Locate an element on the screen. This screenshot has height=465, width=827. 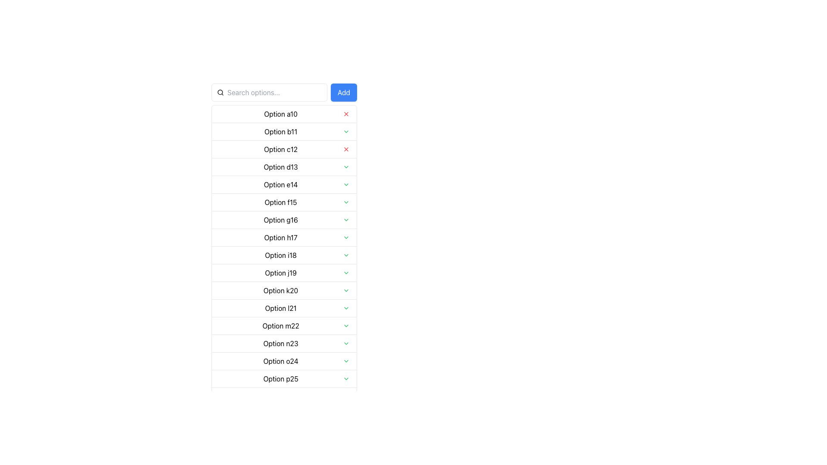
the List Item containing the text 'Option o24' with a green downward-facing chevron icon is located at coordinates (284, 361).